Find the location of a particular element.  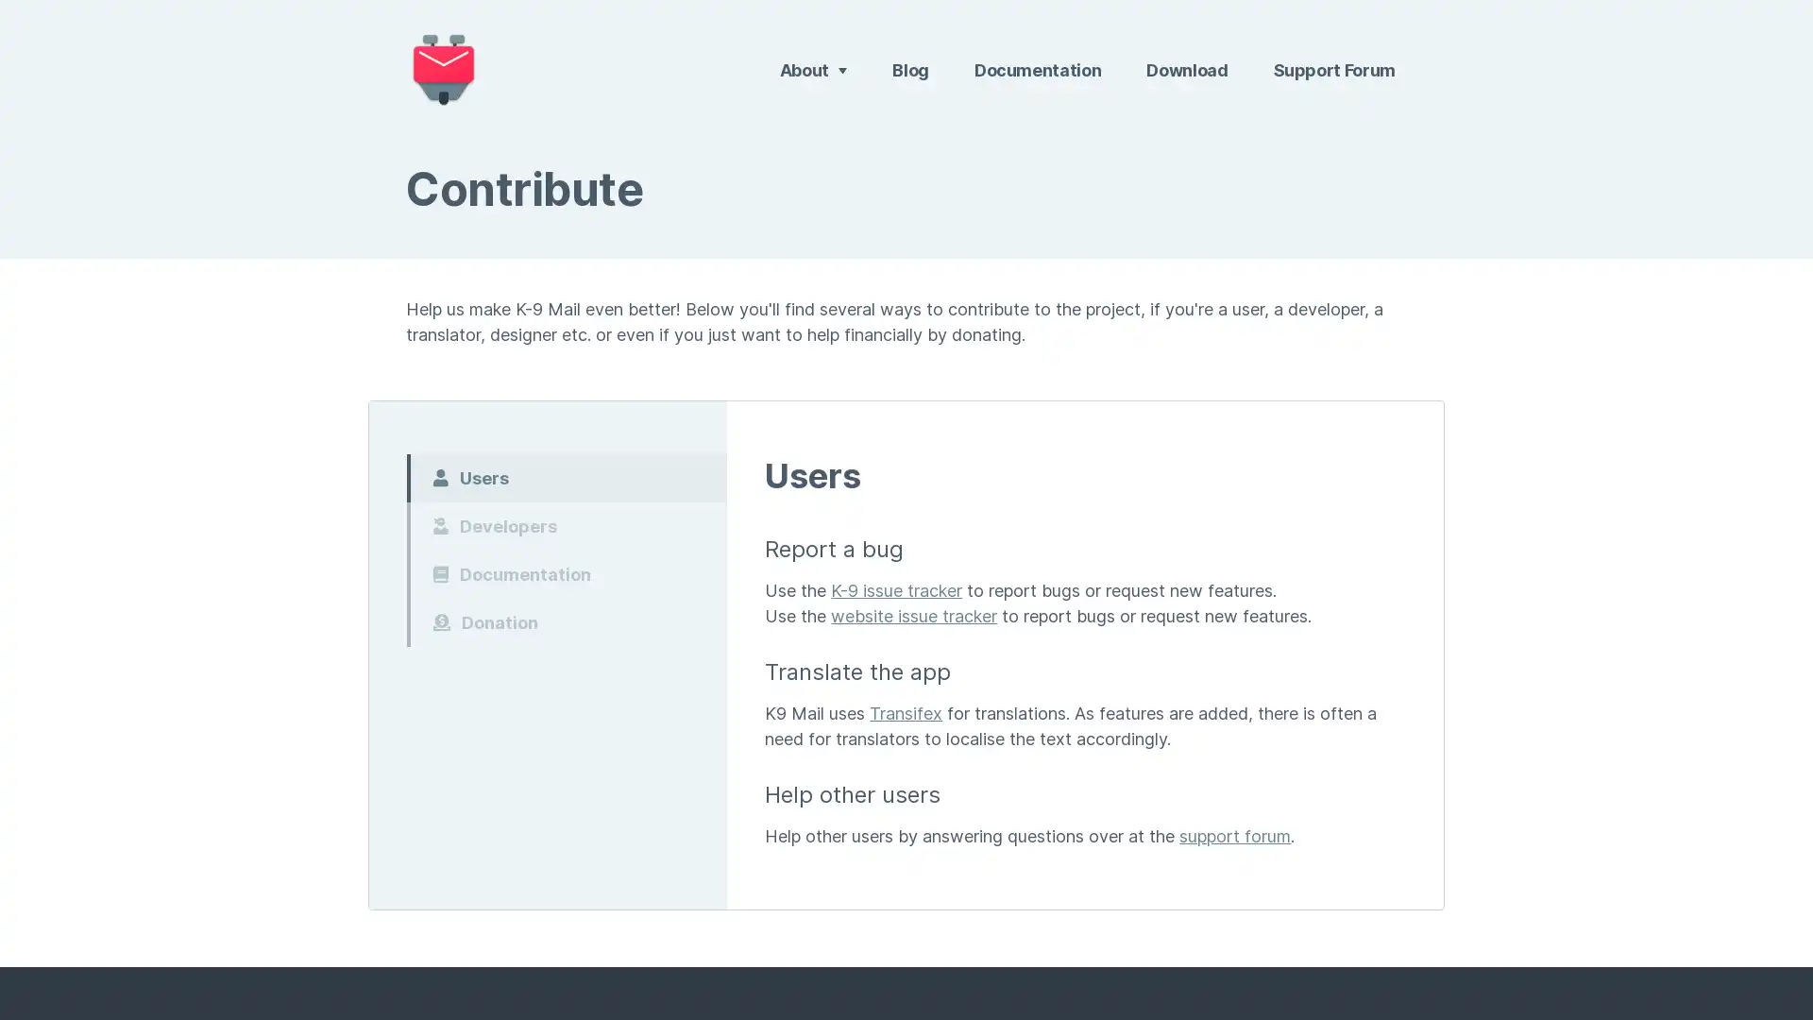

Donation is located at coordinates (566, 621).